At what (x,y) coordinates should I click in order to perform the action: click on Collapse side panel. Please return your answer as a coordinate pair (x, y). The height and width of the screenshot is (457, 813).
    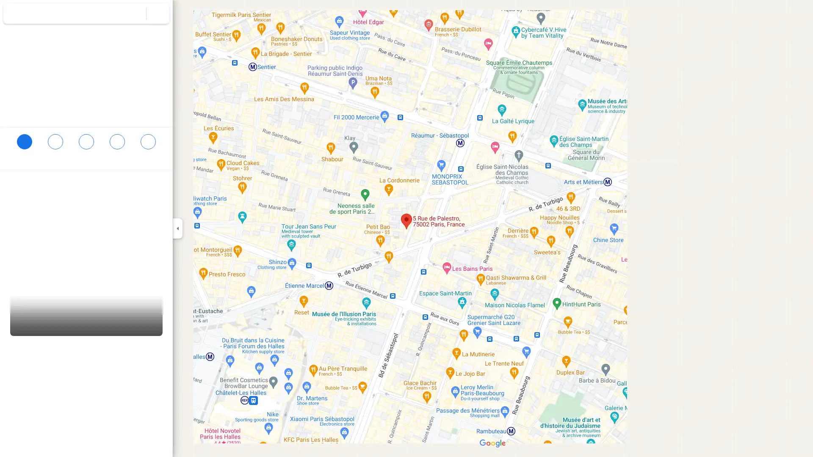
    Looking at the image, I should click on (177, 228).